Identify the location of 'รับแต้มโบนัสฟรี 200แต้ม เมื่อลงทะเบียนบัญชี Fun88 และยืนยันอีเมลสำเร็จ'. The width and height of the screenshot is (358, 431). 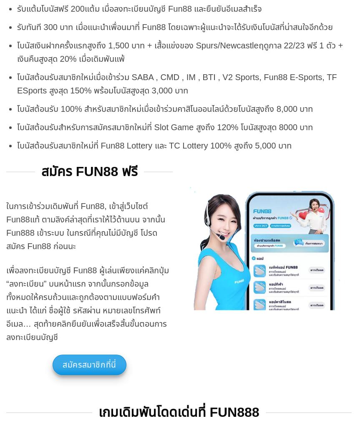
(139, 8).